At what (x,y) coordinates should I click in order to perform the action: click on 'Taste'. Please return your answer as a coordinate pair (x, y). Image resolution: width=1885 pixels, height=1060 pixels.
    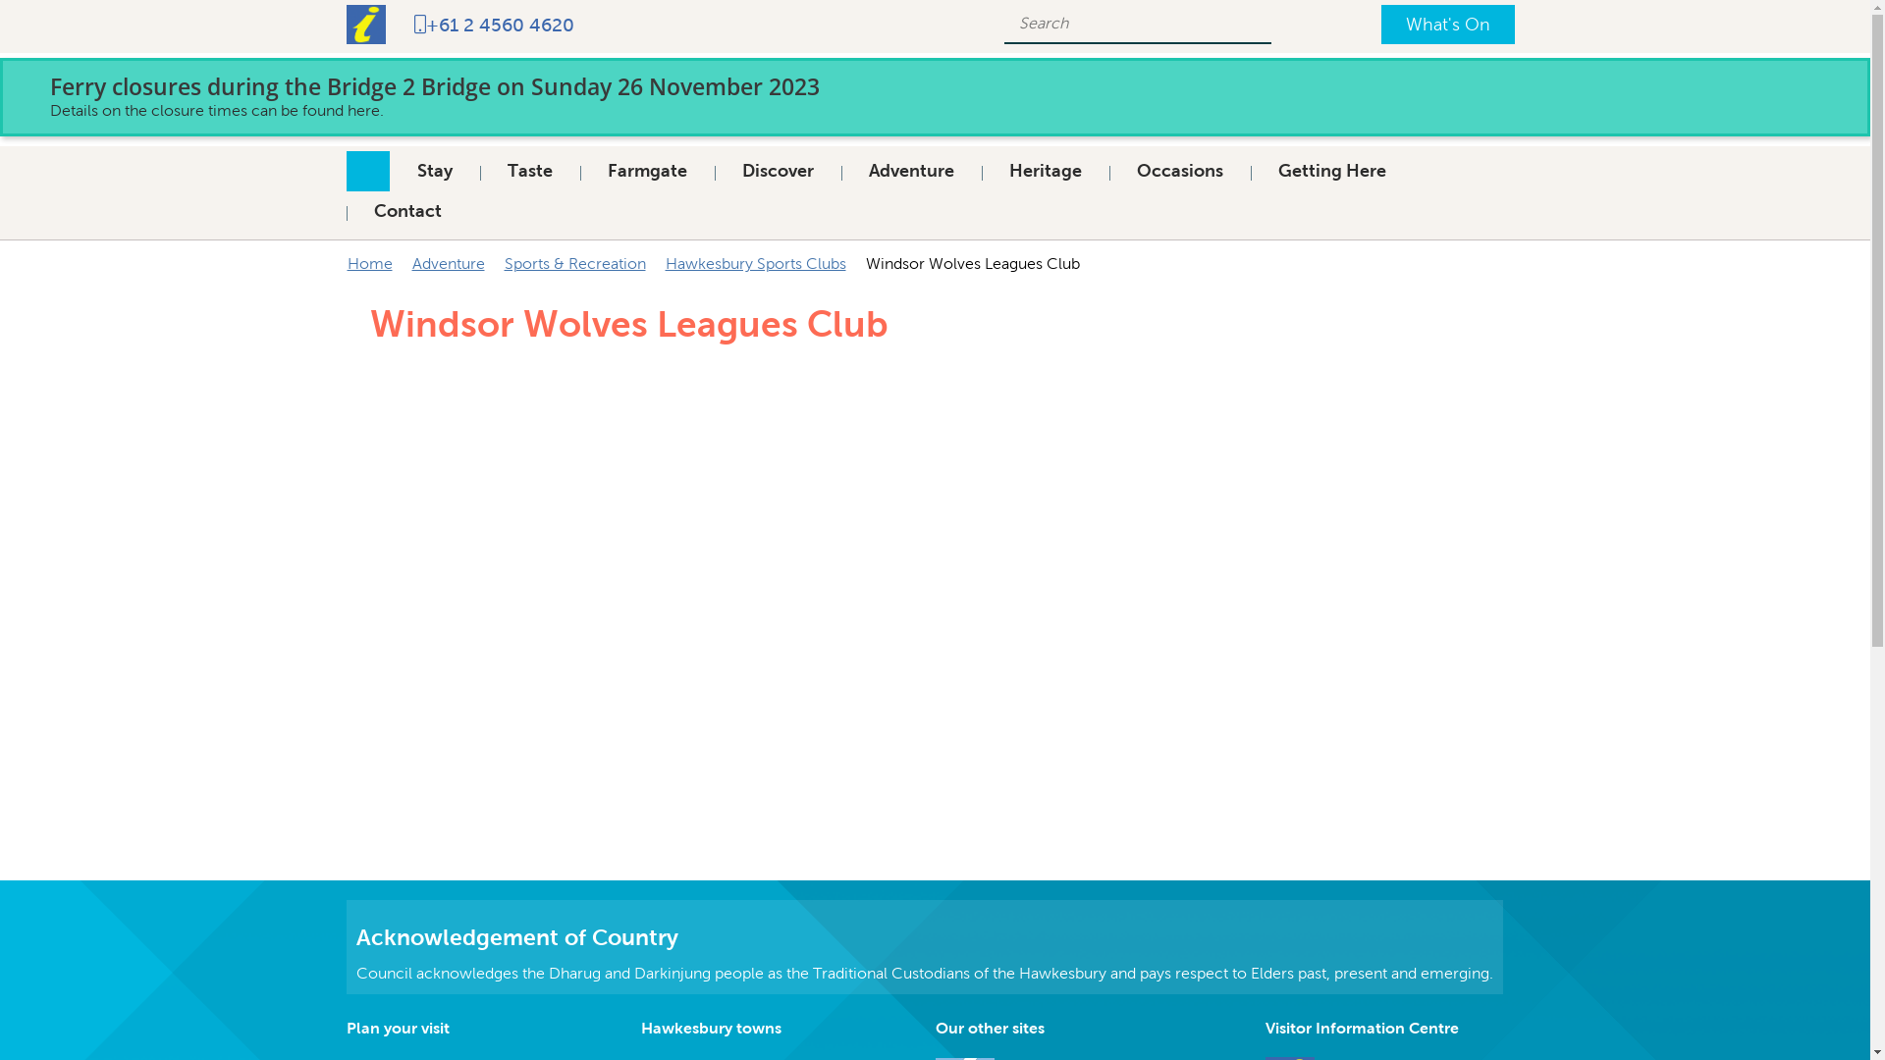
    Looking at the image, I should click on (528, 170).